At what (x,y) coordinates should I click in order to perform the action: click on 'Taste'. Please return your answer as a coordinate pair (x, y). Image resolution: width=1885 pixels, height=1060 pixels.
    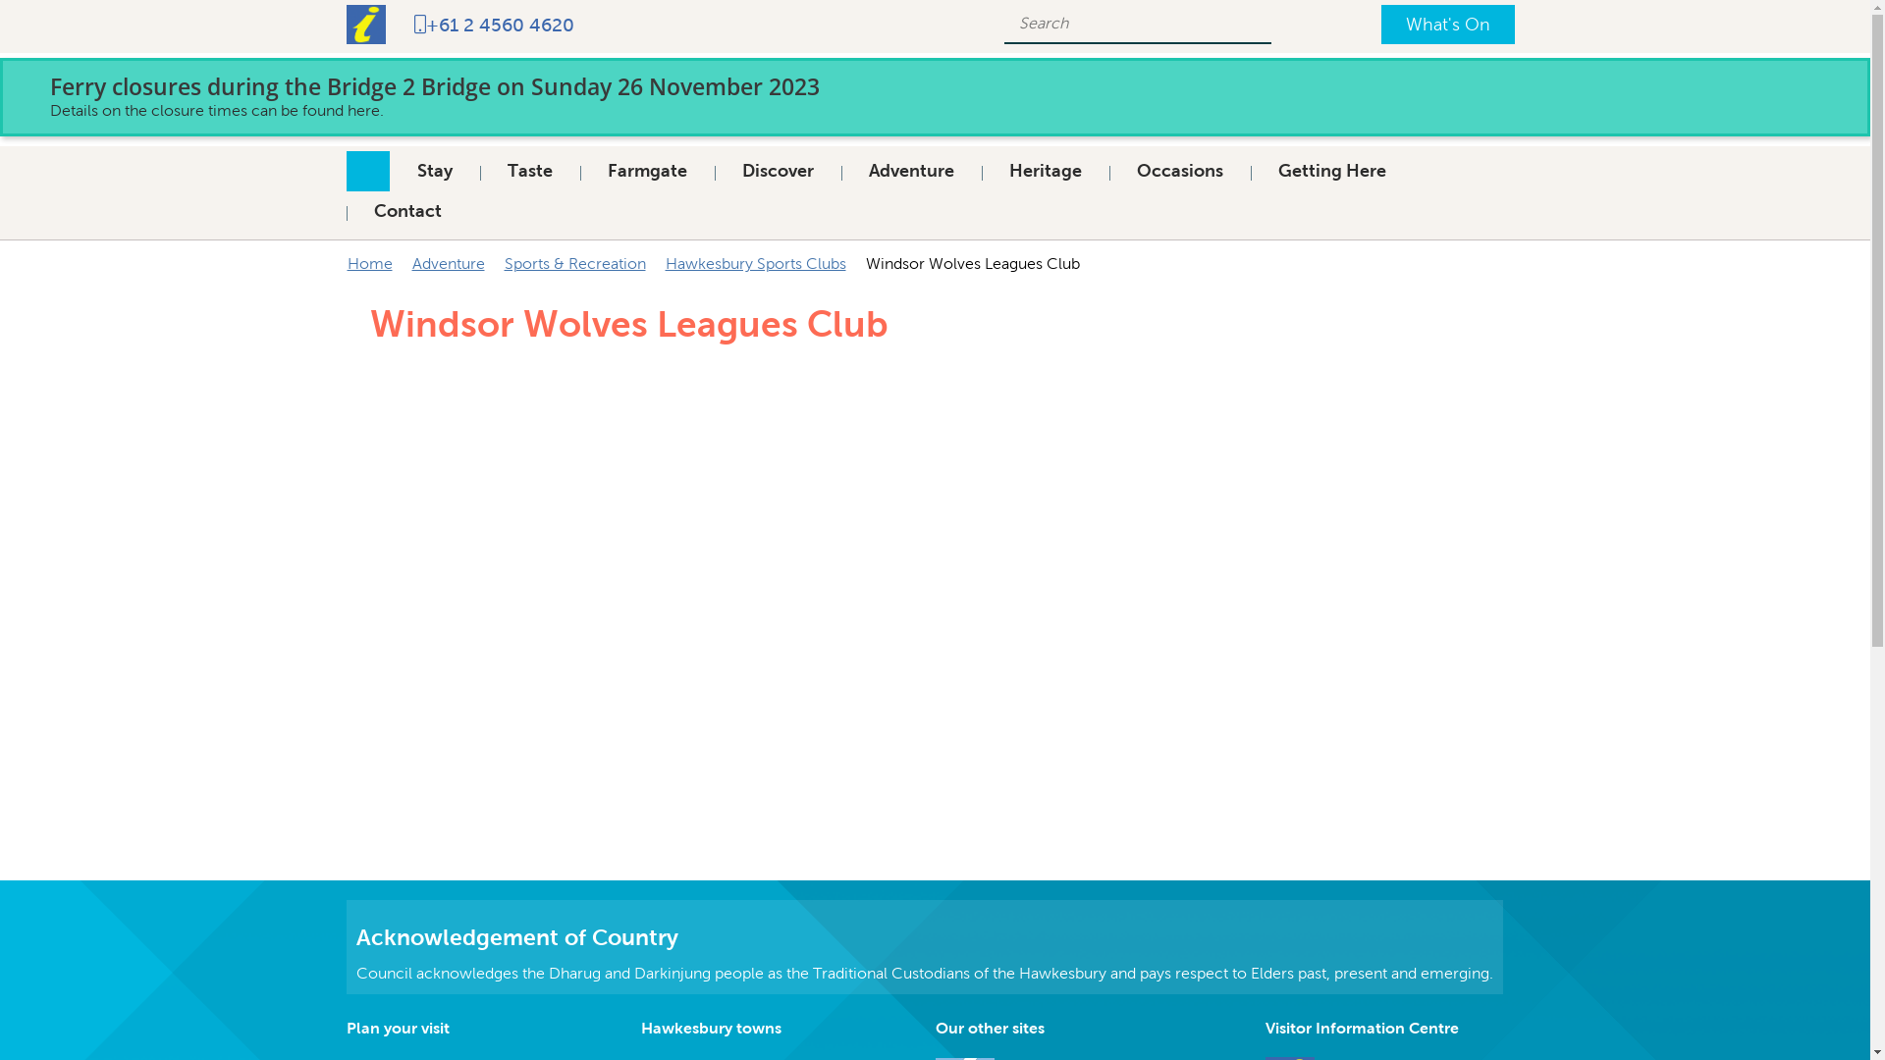
    Looking at the image, I should click on (528, 170).